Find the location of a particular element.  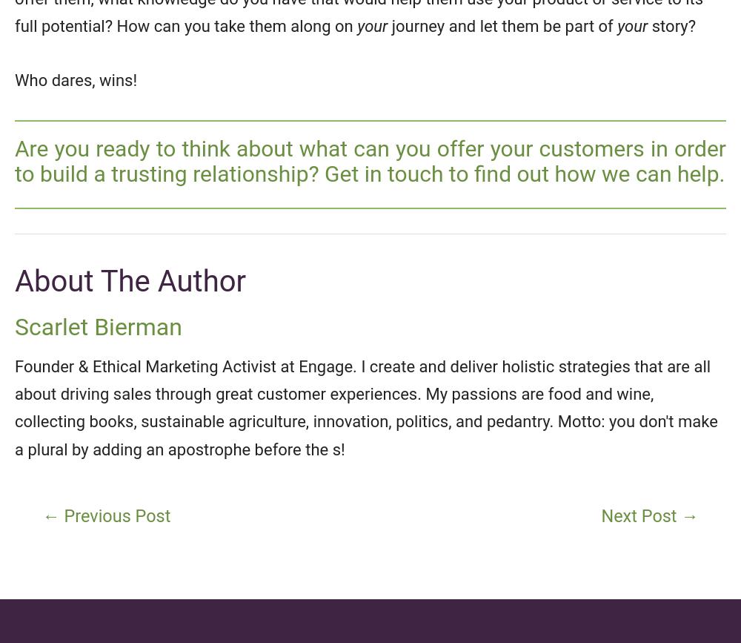

'Who dares, wins!' is located at coordinates (15, 79).